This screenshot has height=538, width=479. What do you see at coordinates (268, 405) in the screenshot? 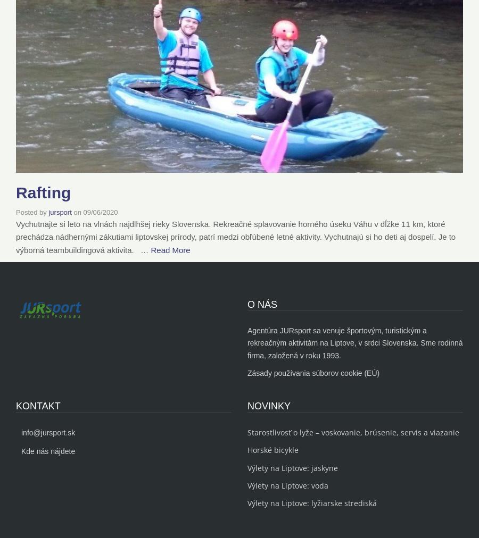
I see `'NOVINKY'` at bounding box center [268, 405].